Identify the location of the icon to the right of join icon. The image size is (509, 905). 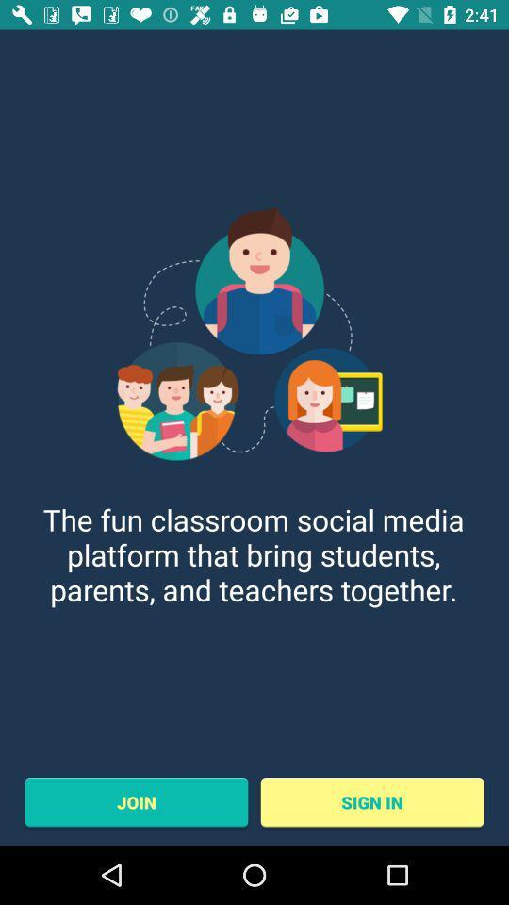
(372, 801).